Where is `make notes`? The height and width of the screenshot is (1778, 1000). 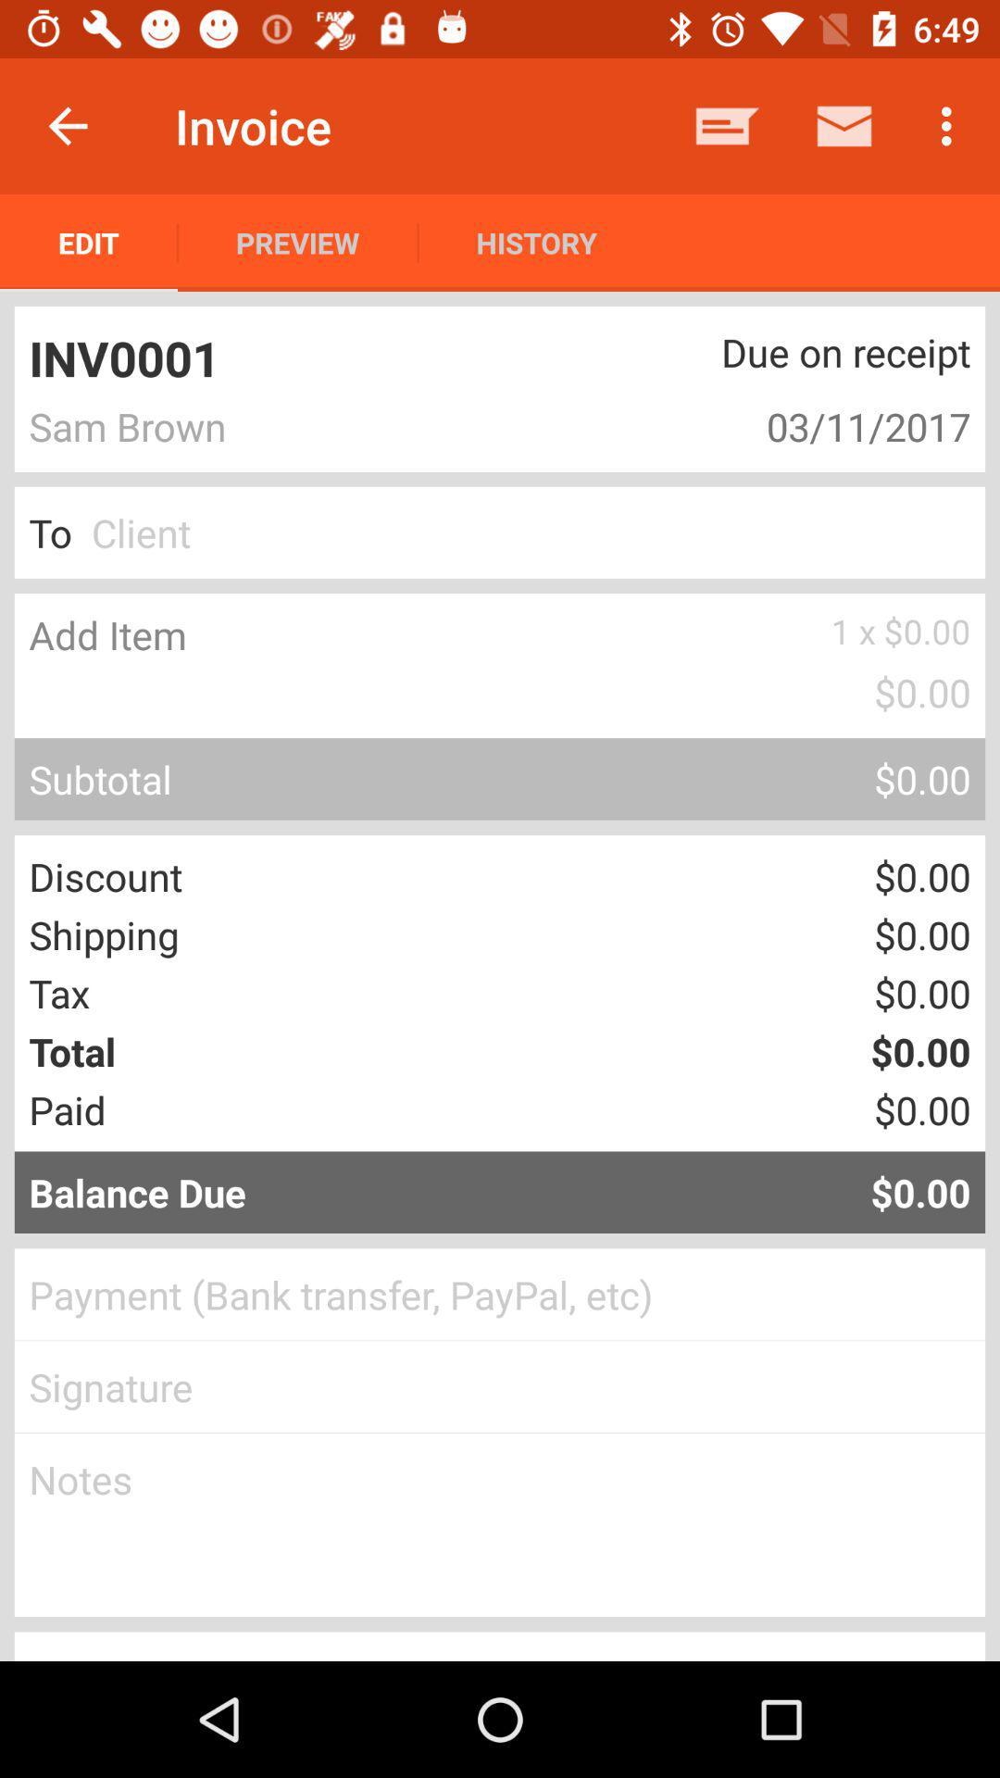 make notes is located at coordinates (500, 1524).